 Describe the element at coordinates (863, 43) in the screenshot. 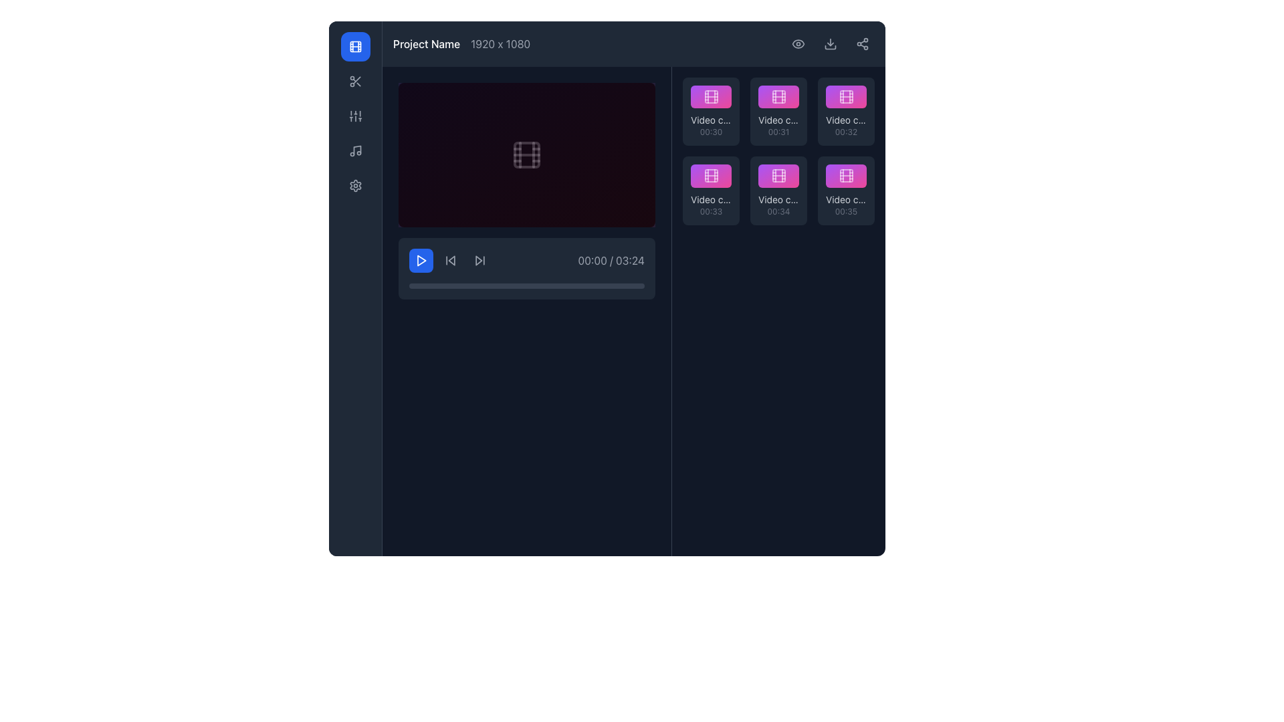

I see `the sharing button icon located at the top-right corner of the toolbar to initiate the sharing functionality` at that location.